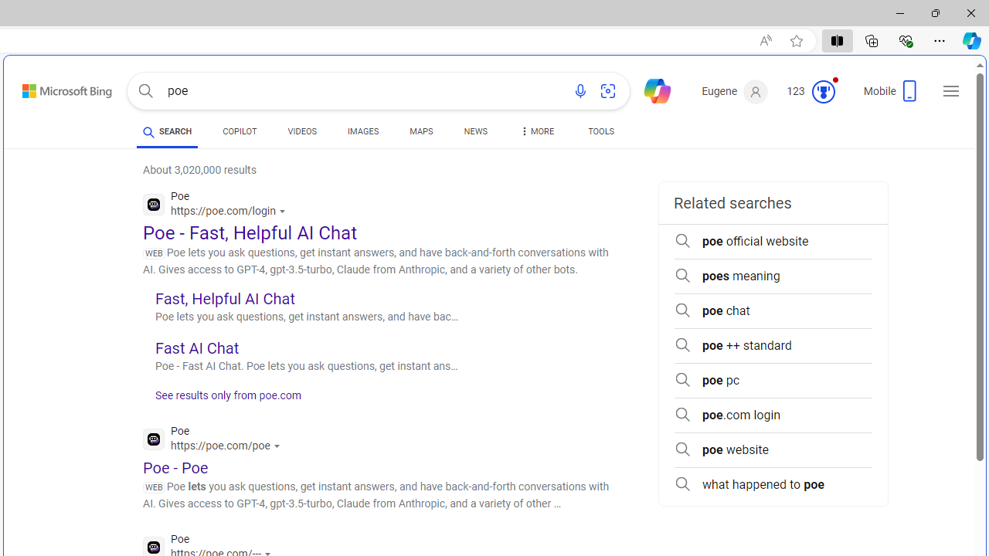 This screenshot has height=556, width=989. Describe the element at coordinates (773, 241) in the screenshot. I see `'poe official website'` at that location.